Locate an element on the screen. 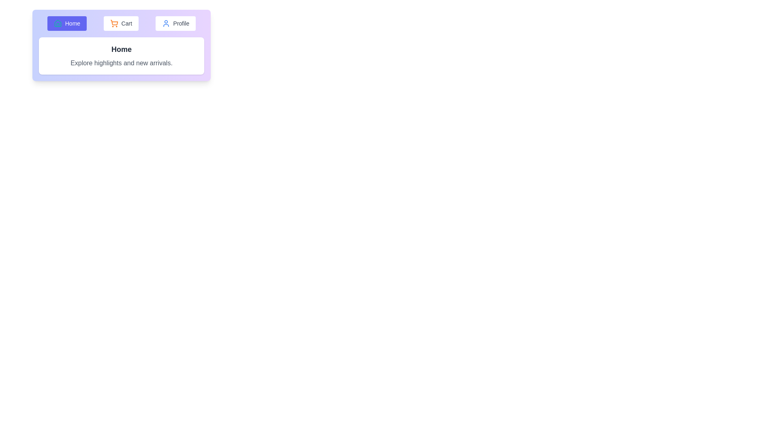 The width and height of the screenshot is (778, 438). the Cart tab button to switch to the corresponding tab is located at coordinates (120, 23).